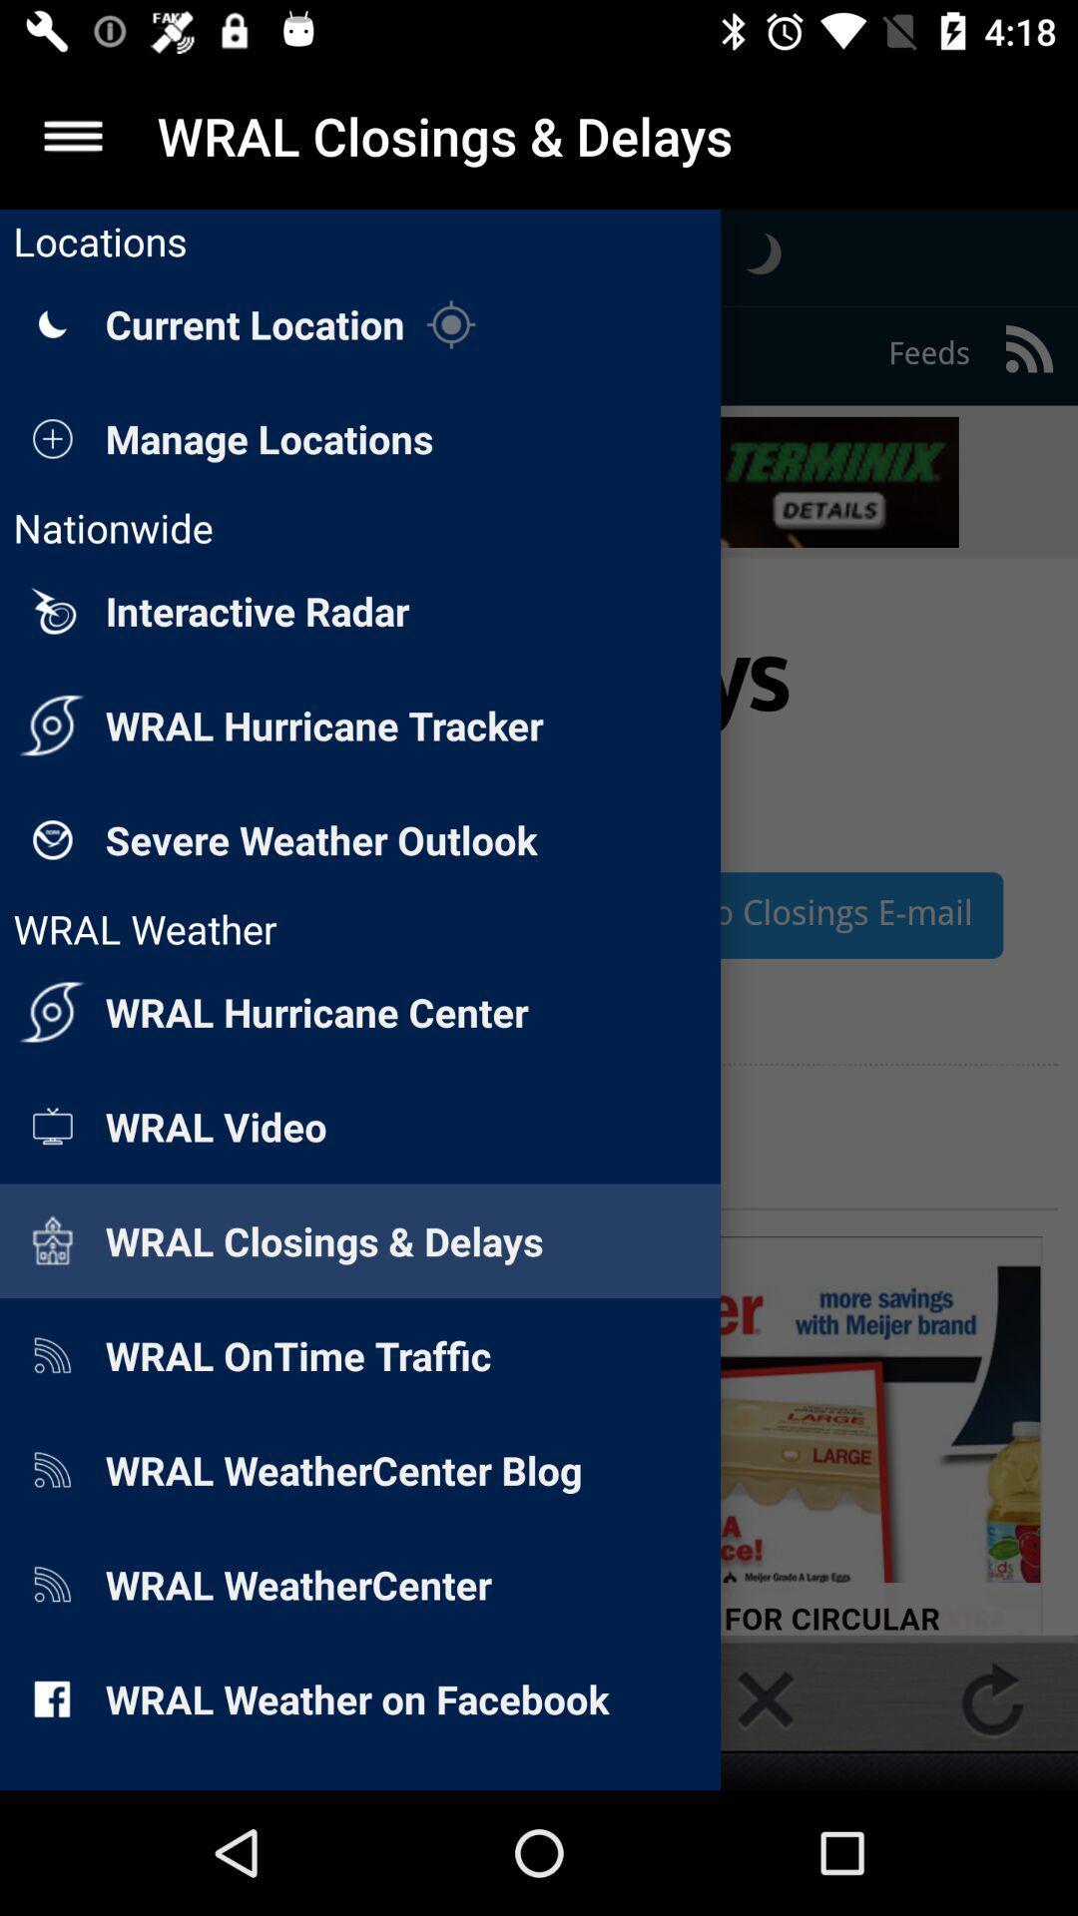  What do you see at coordinates (84, 1698) in the screenshot?
I see `the facebook icon` at bounding box center [84, 1698].